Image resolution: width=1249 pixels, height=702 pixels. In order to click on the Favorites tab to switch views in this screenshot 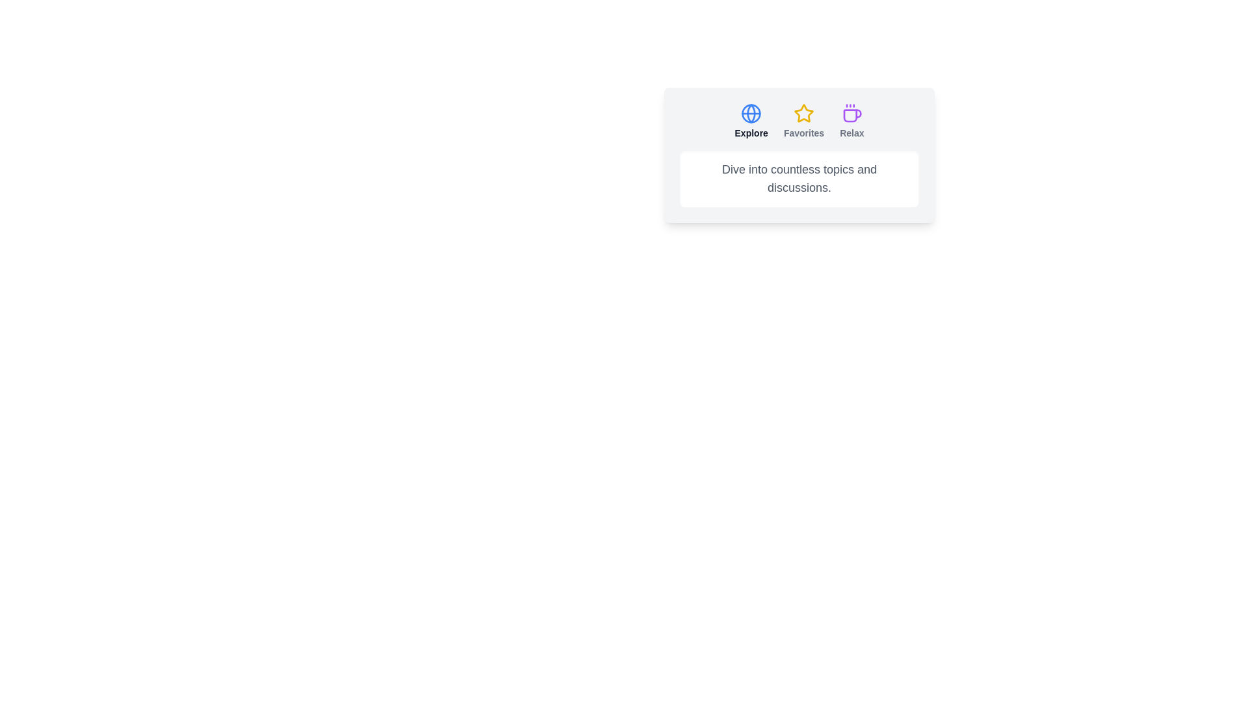, I will do `click(803, 121)`.